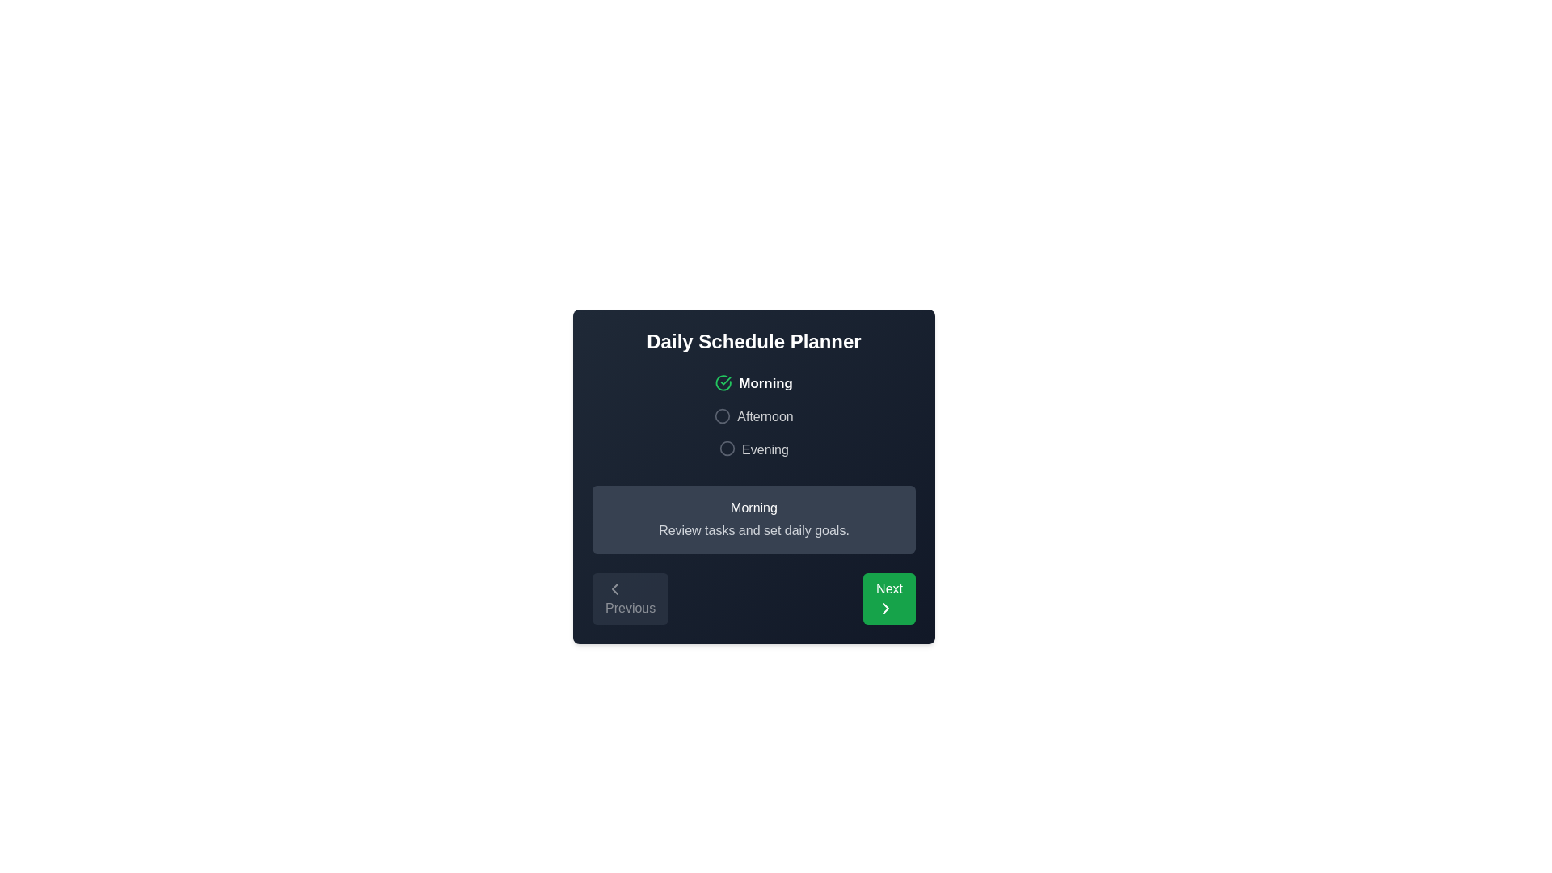 The height and width of the screenshot is (873, 1552). What do you see at coordinates (722, 415) in the screenshot?
I see `the 'Afternoon' radio button in the Daily Schedule Planner interface for keyboard navigation` at bounding box center [722, 415].